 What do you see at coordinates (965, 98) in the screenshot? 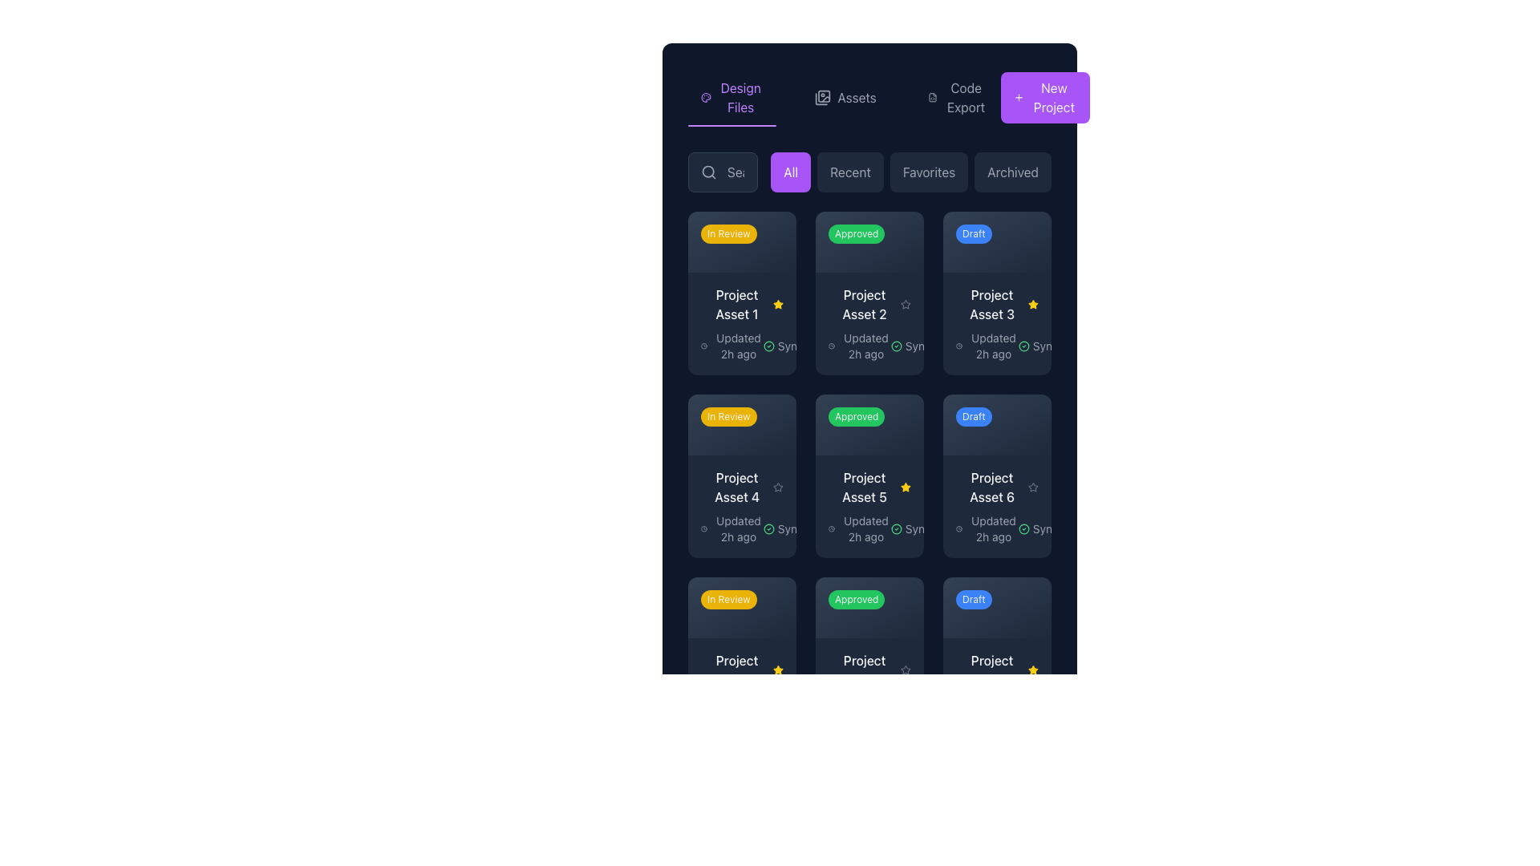
I see `the 'Code Export' text label` at bounding box center [965, 98].